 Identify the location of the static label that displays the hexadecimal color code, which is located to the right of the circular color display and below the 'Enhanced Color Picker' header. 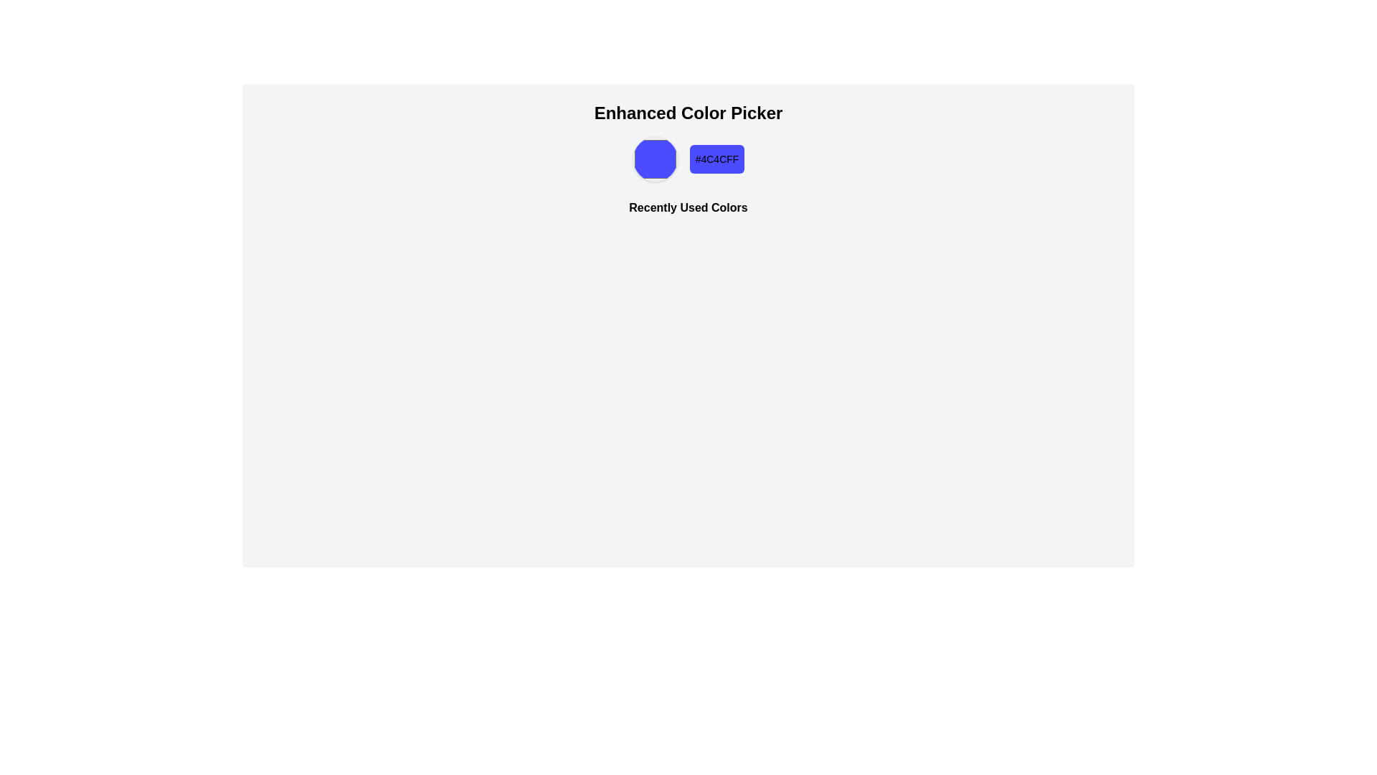
(716, 159).